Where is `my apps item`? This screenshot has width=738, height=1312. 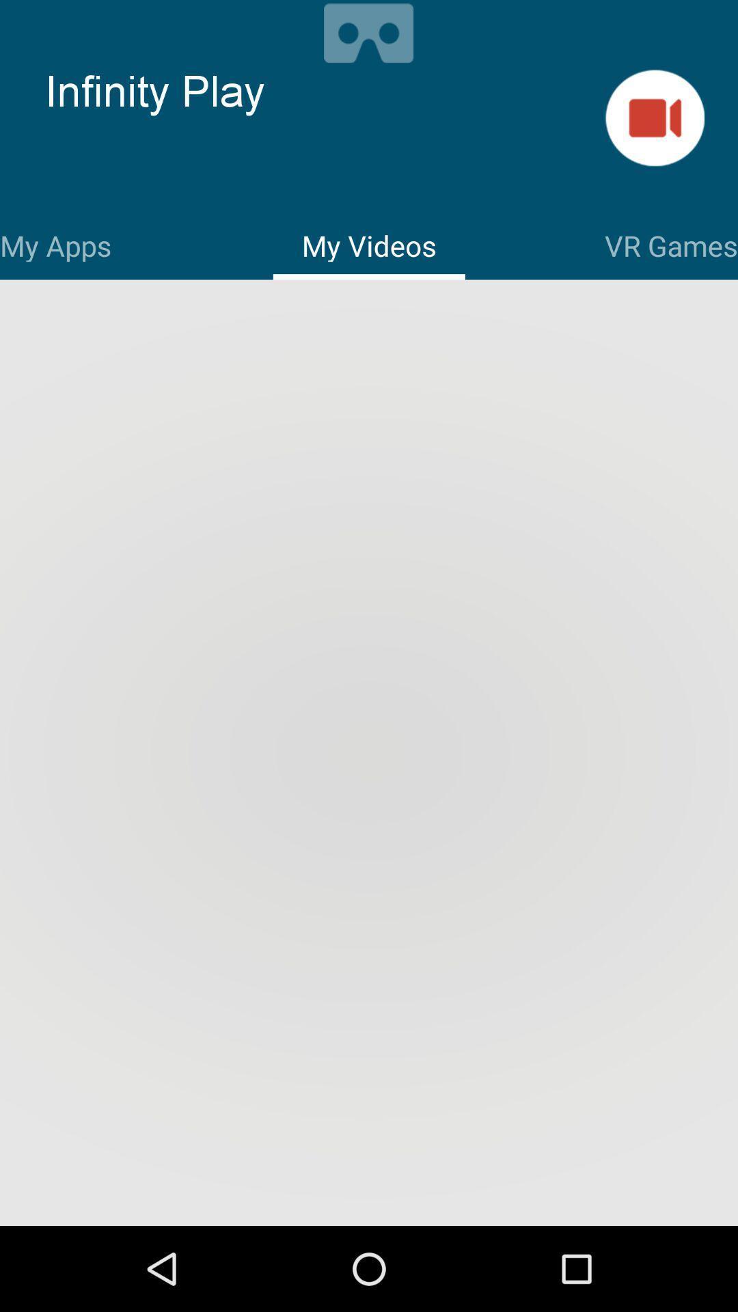
my apps item is located at coordinates (55, 243).